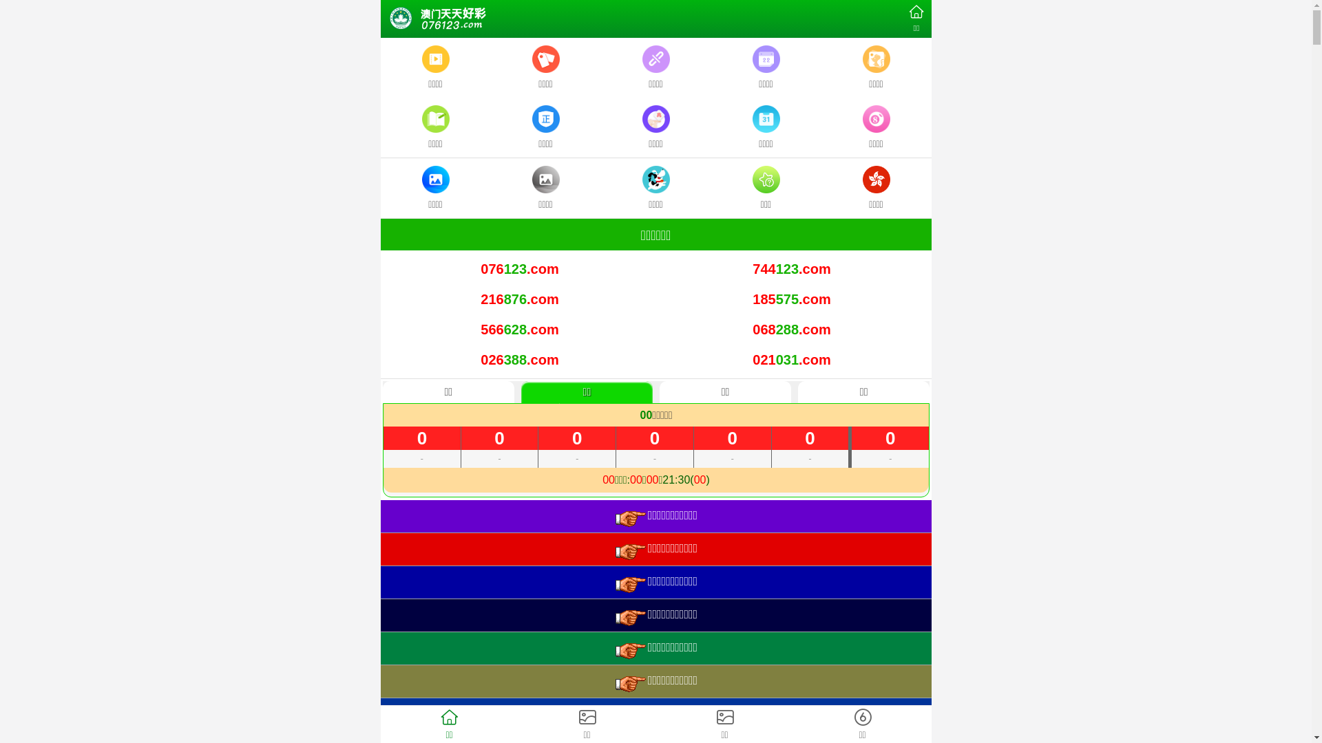 Image resolution: width=1322 pixels, height=743 pixels. I want to click on '744123.com', so click(791, 270).